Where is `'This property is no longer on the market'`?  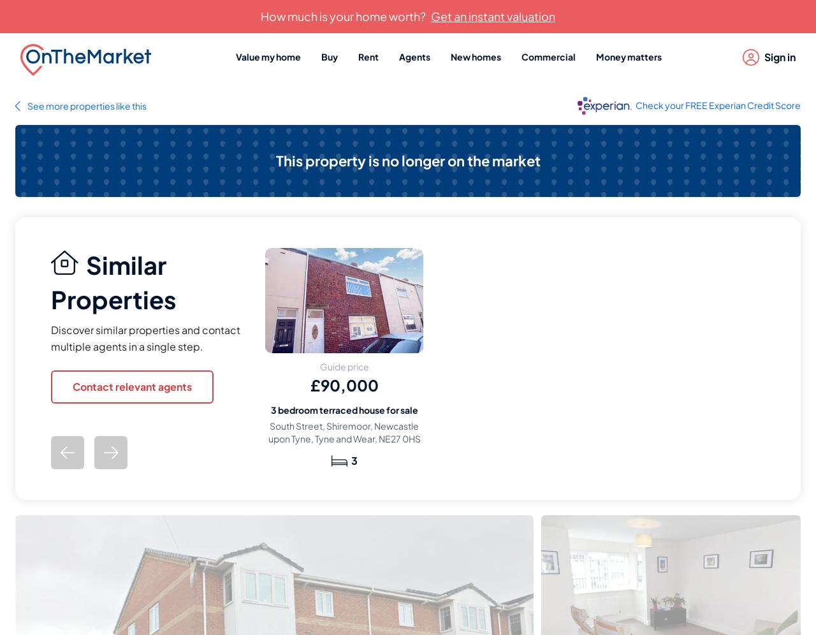 'This property is no longer on the market' is located at coordinates (407, 160).